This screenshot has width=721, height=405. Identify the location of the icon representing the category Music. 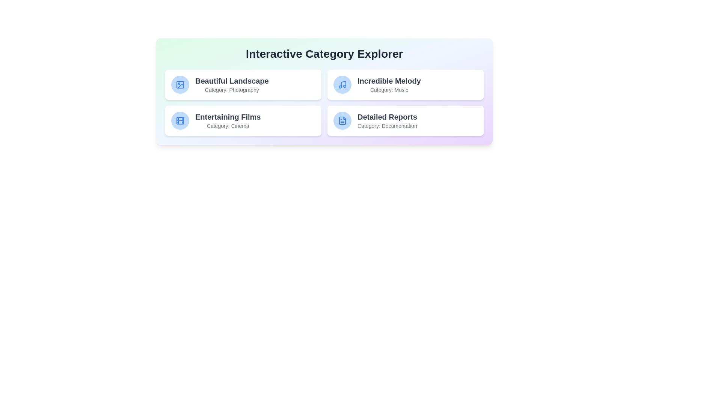
(342, 84).